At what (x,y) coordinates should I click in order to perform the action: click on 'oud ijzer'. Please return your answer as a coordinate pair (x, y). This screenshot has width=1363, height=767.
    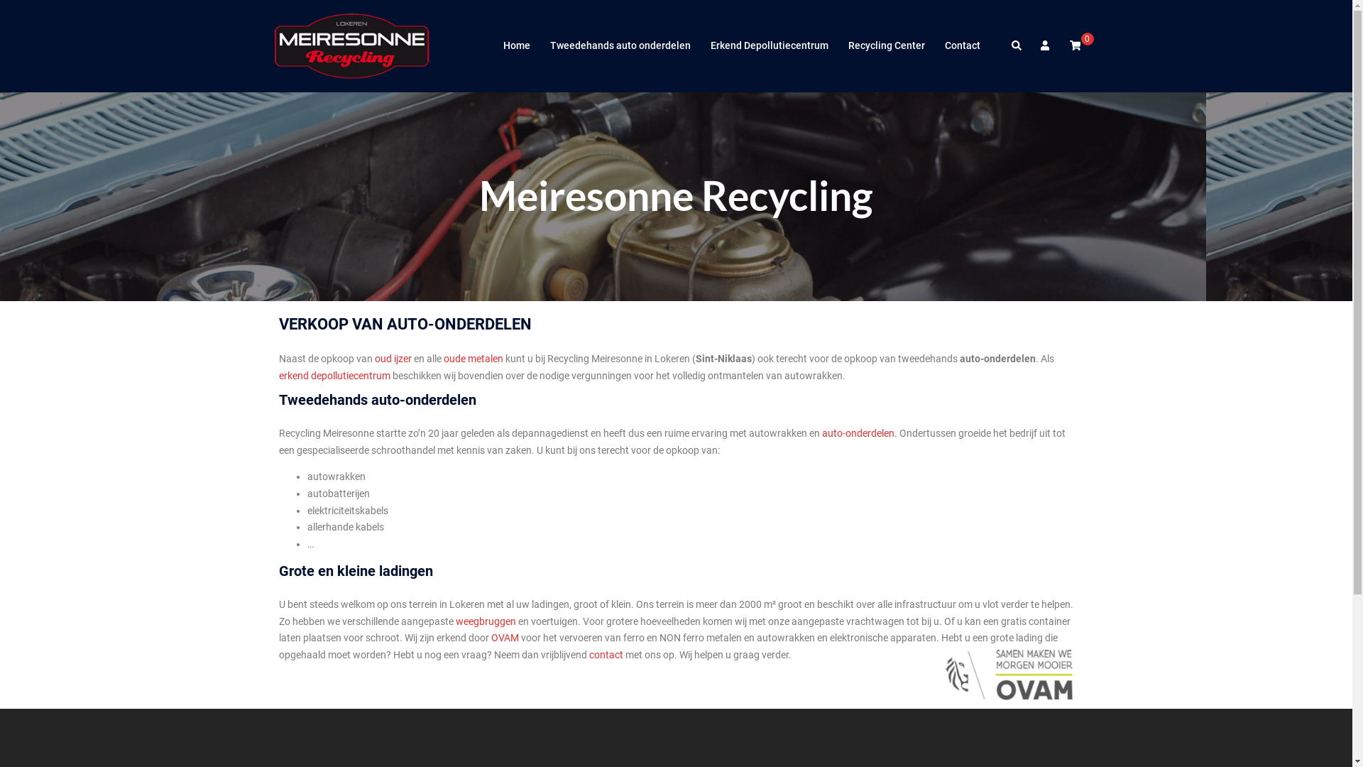
    Looking at the image, I should click on (393, 358).